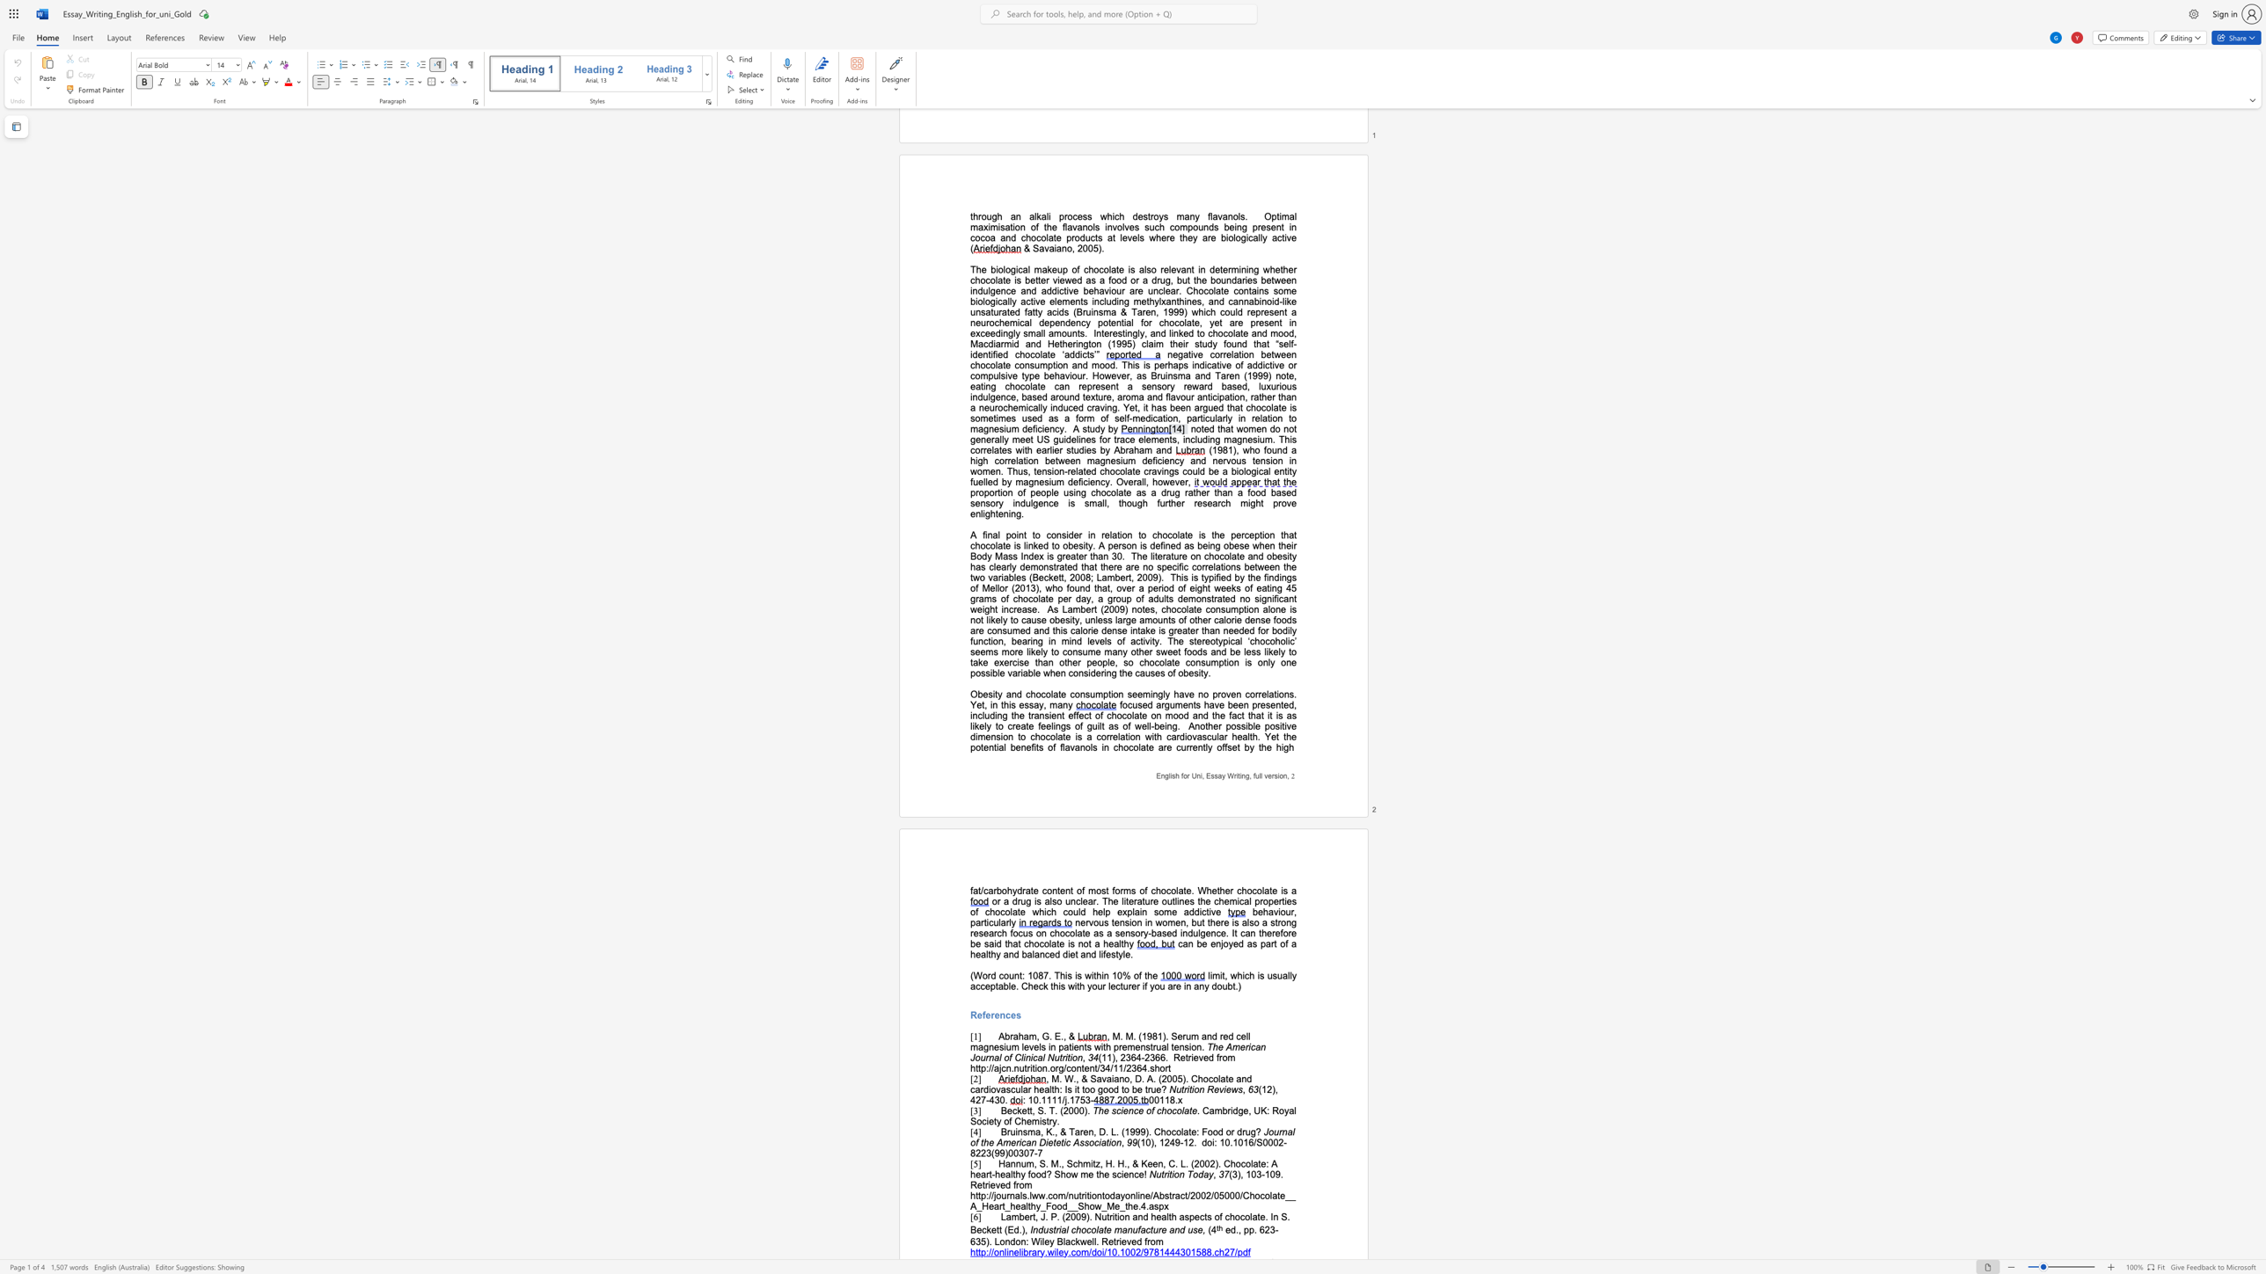 This screenshot has width=2266, height=1274. I want to click on the subset text "ate manufactu" within the text "Industrial chocolate manufacture and use,", so click(1098, 1230).